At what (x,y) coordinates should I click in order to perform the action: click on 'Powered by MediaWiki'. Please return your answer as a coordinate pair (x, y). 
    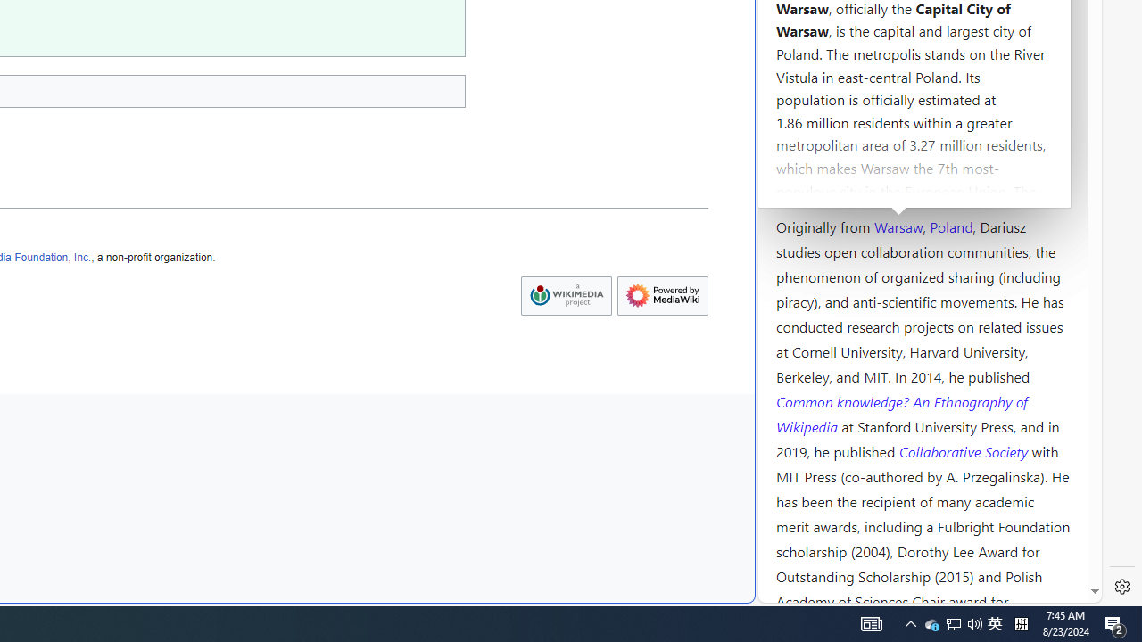
    Looking at the image, I should click on (662, 294).